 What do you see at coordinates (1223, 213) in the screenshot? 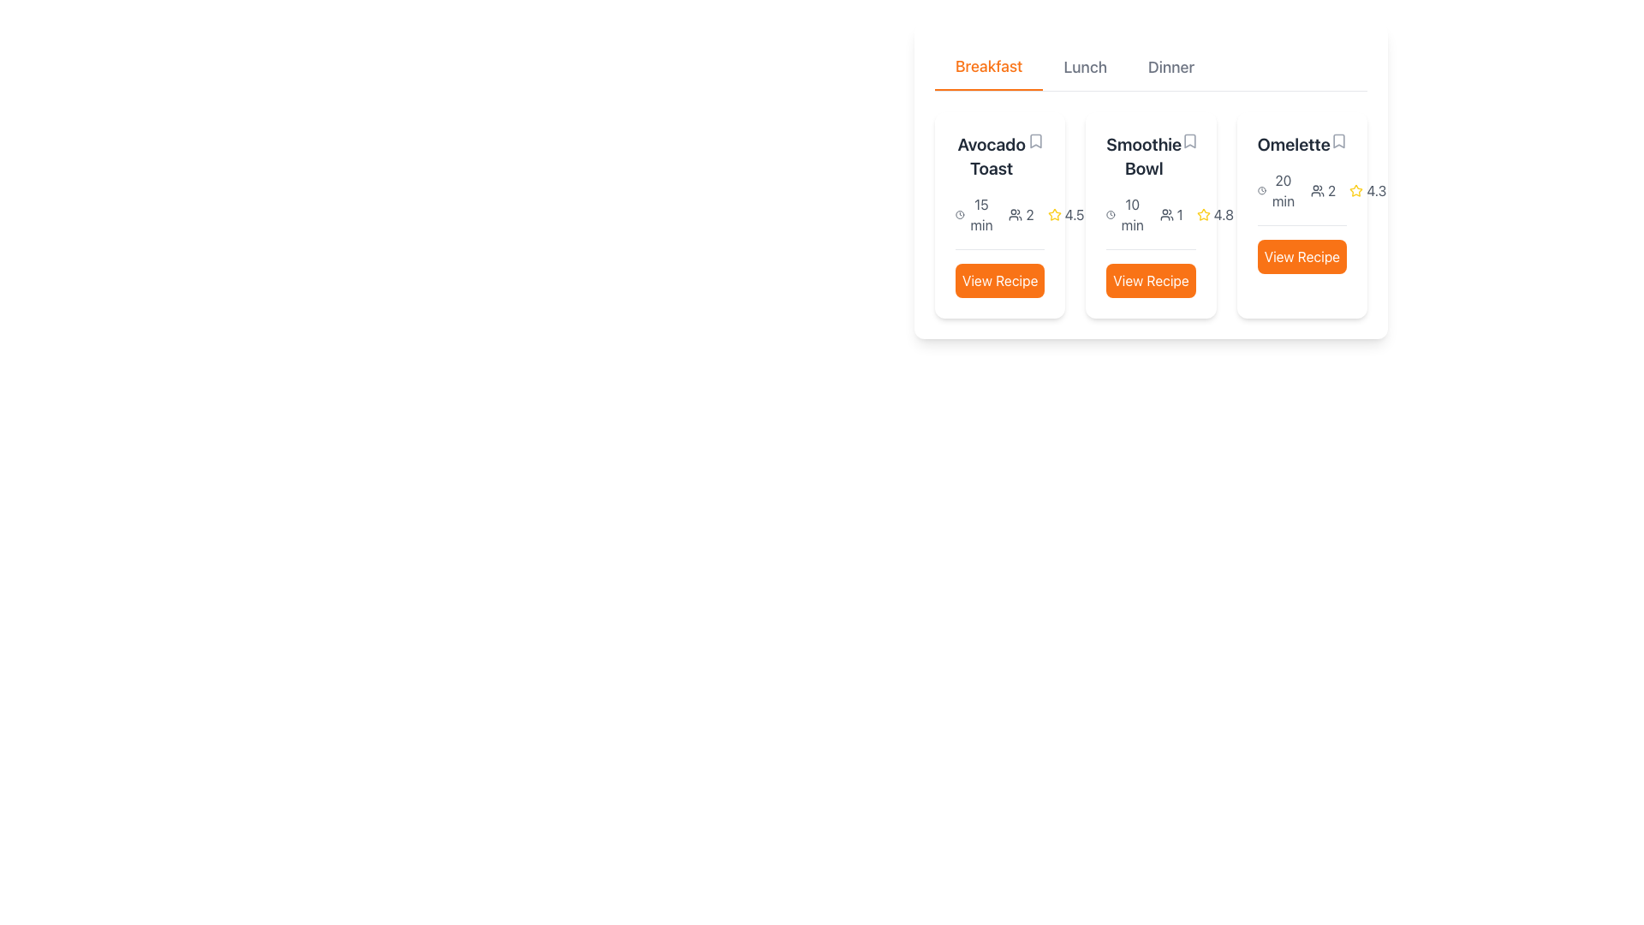
I see `displayed rating value next to the yellow star icon in the Smoothie Bowl card details section` at bounding box center [1223, 213].